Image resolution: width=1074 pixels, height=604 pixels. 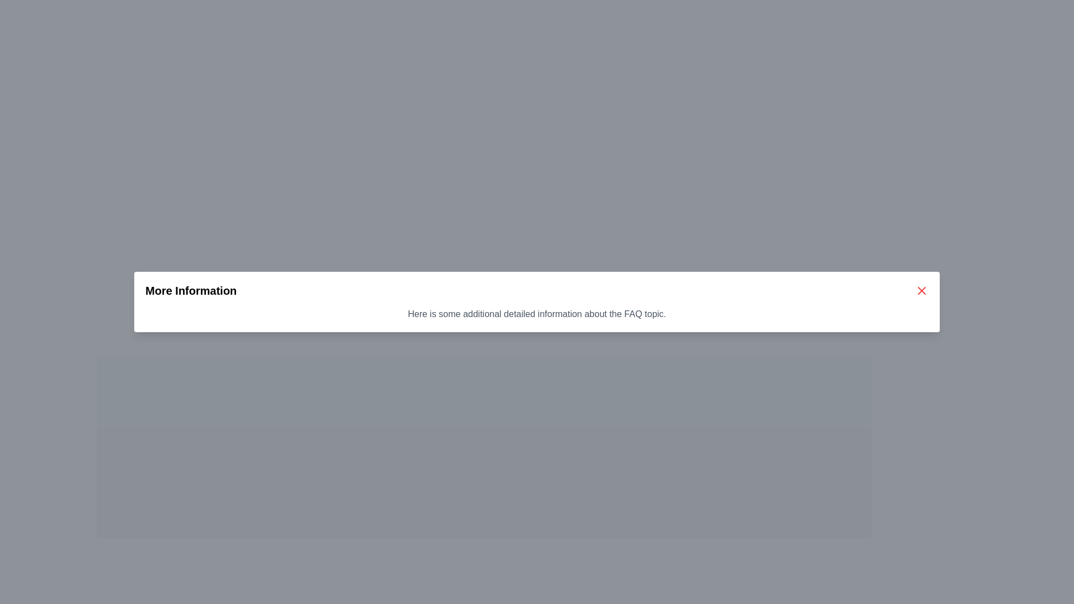 I want to click on the red close icon located at the top-right of the informational box, so click(x=921, y=290).